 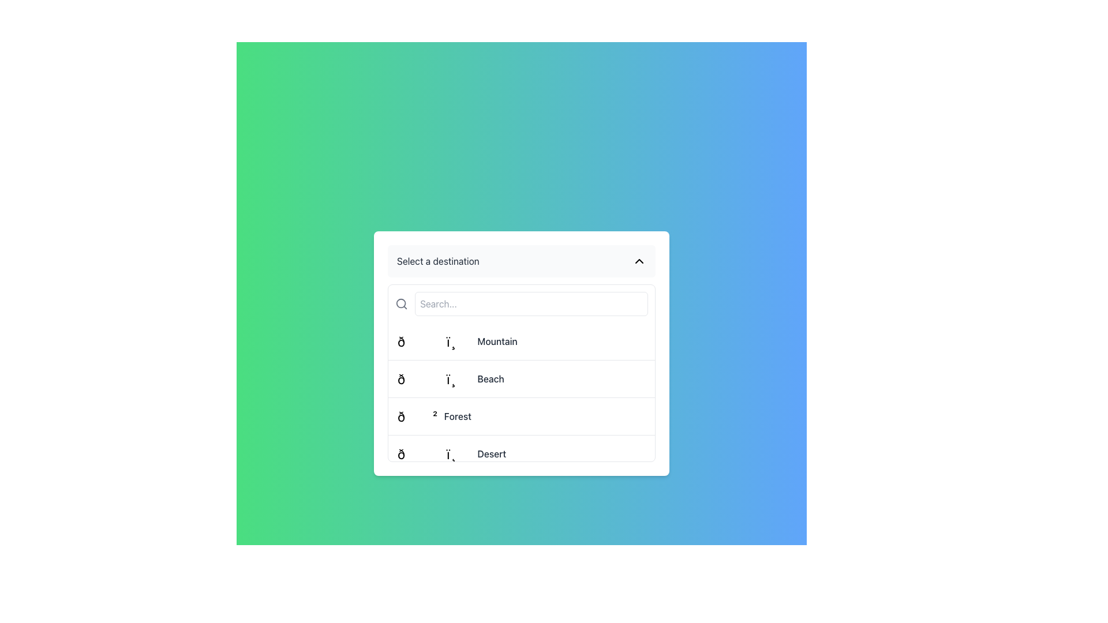 I want to click on an item in the Options List, which is a rectangular section containing four vertically stacked items, so click(x=521, y=373).